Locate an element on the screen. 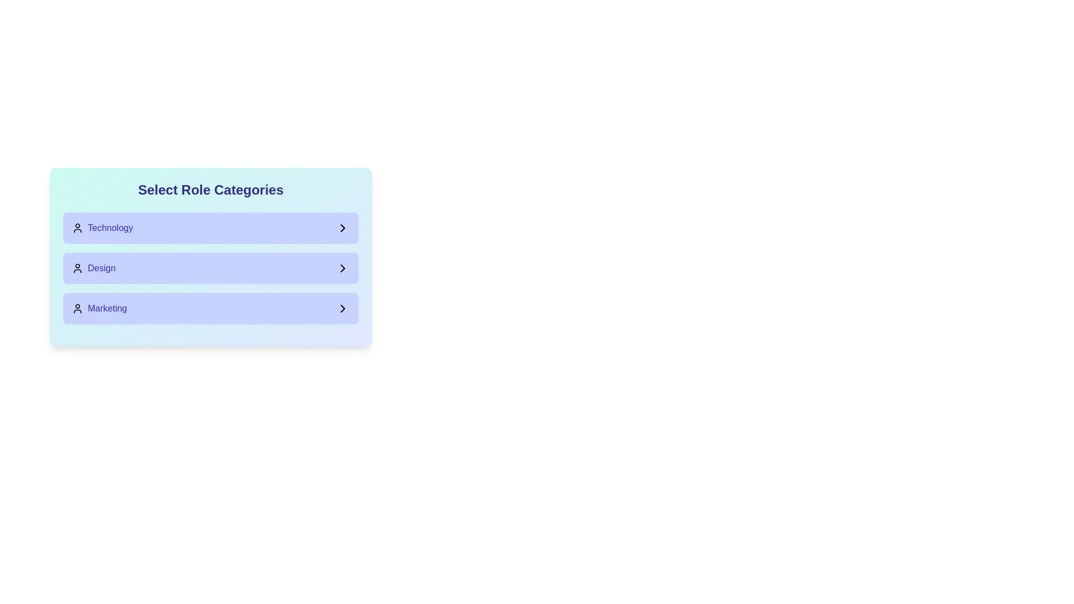 Image resolution: width=1074 pixels, height=604 pixels. the 'Design' category text label, which is the second item in the vertical list of categories, located below 'Technology' and above 'Marketing' is located at coordinates (101, 268).